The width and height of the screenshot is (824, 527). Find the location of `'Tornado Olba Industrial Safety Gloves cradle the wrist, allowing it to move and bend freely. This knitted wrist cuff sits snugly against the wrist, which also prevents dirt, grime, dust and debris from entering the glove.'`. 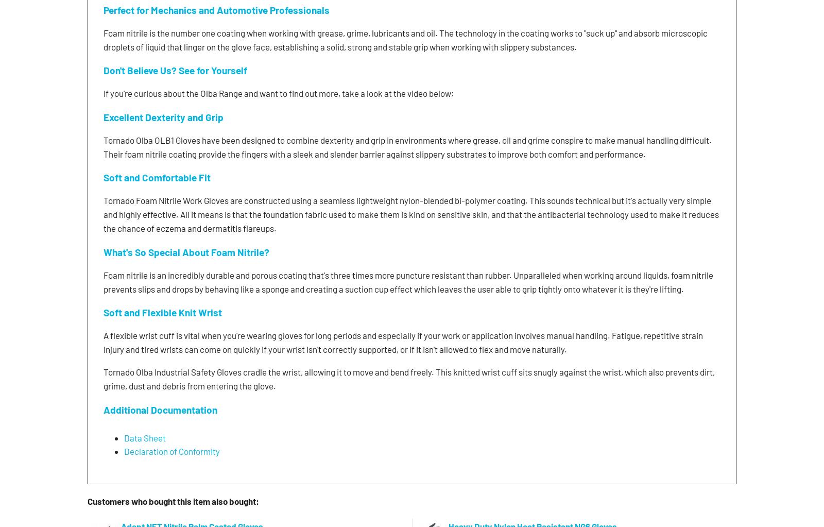

'Tornado Olba Industrial Safety Gloves cradle the wrist, allowing it to move and bend freely. This knitted wrist cuff sits snugly against the wrist, which also prevents dirt, grime, dust and debris from entering the glove.' is located at coordinates (409, 379).